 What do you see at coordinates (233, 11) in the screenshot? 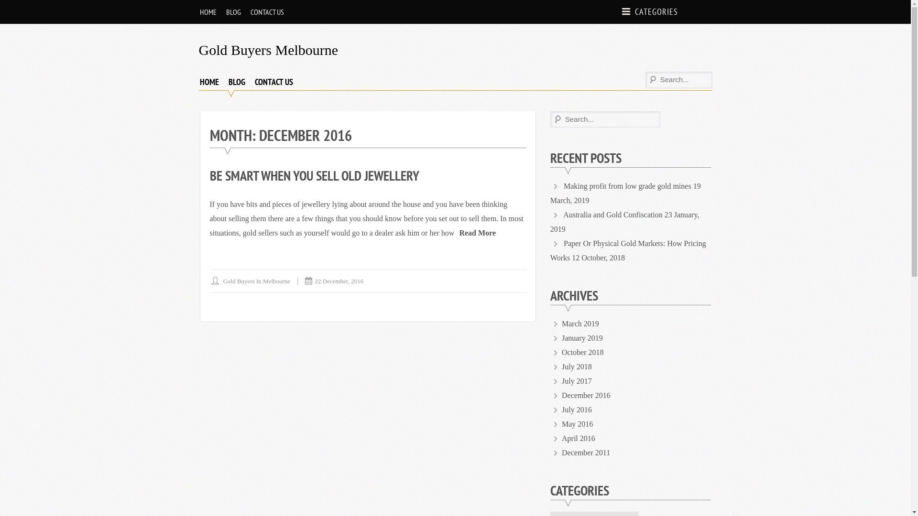
I see `'BLOG'` at bounding box center [233, 11].